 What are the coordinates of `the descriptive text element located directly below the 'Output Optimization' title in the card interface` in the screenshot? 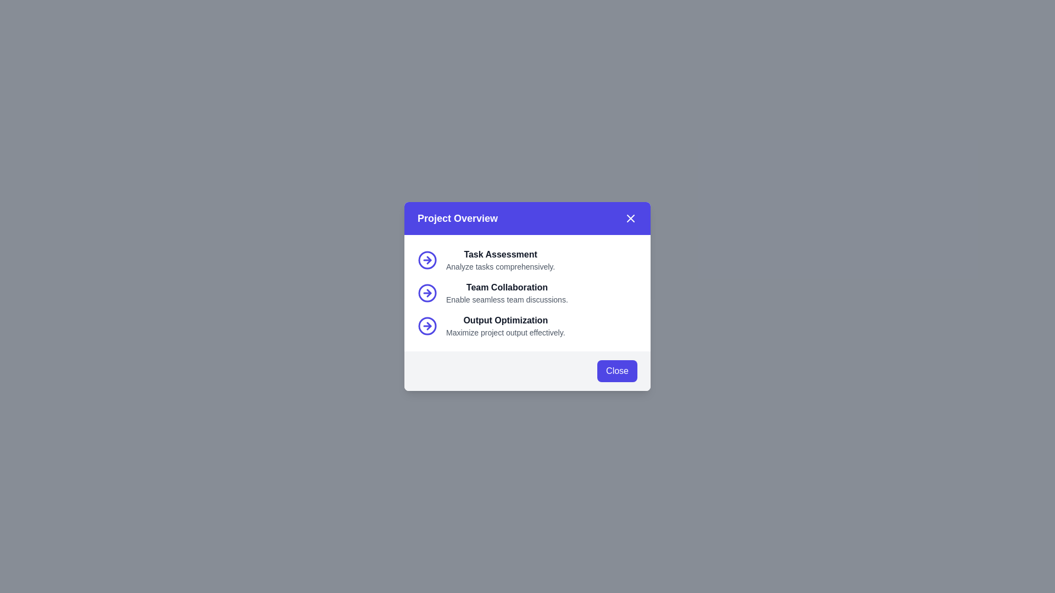 It's located at (505, 332).